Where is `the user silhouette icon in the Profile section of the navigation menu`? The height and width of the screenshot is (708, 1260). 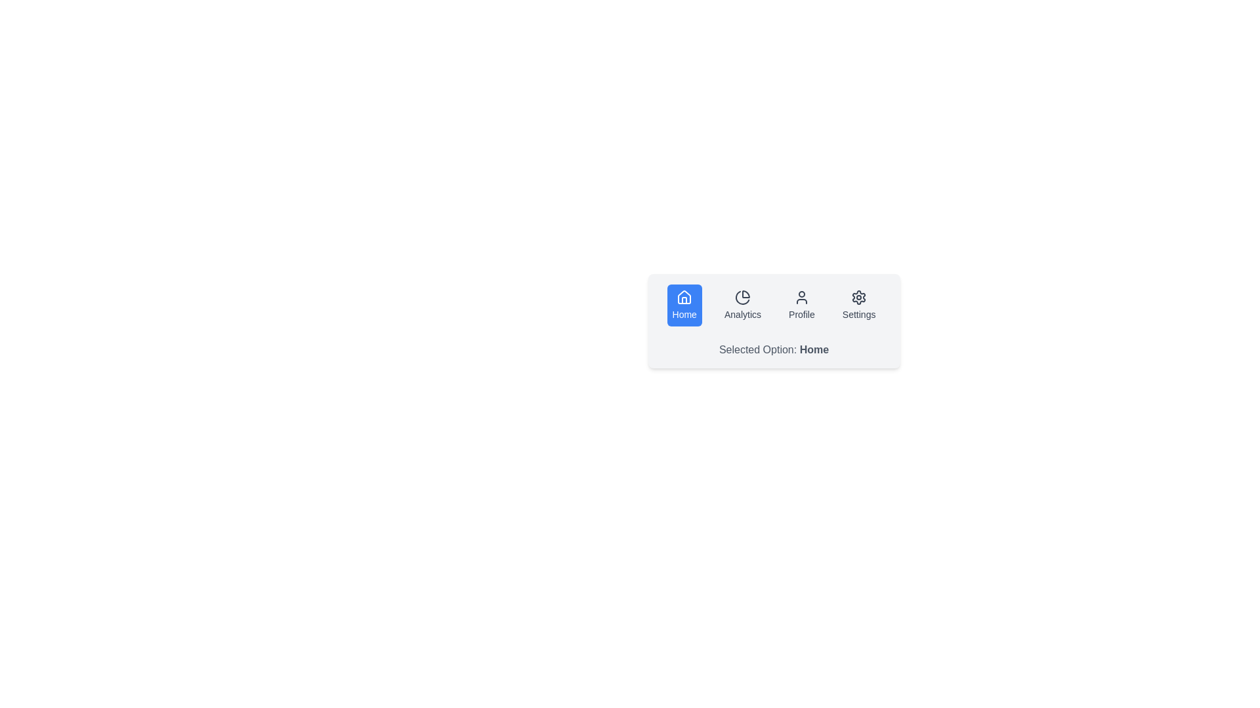 the user silhouette icon in the Profile section of the navigation menu is located at coordinates (801, 298).